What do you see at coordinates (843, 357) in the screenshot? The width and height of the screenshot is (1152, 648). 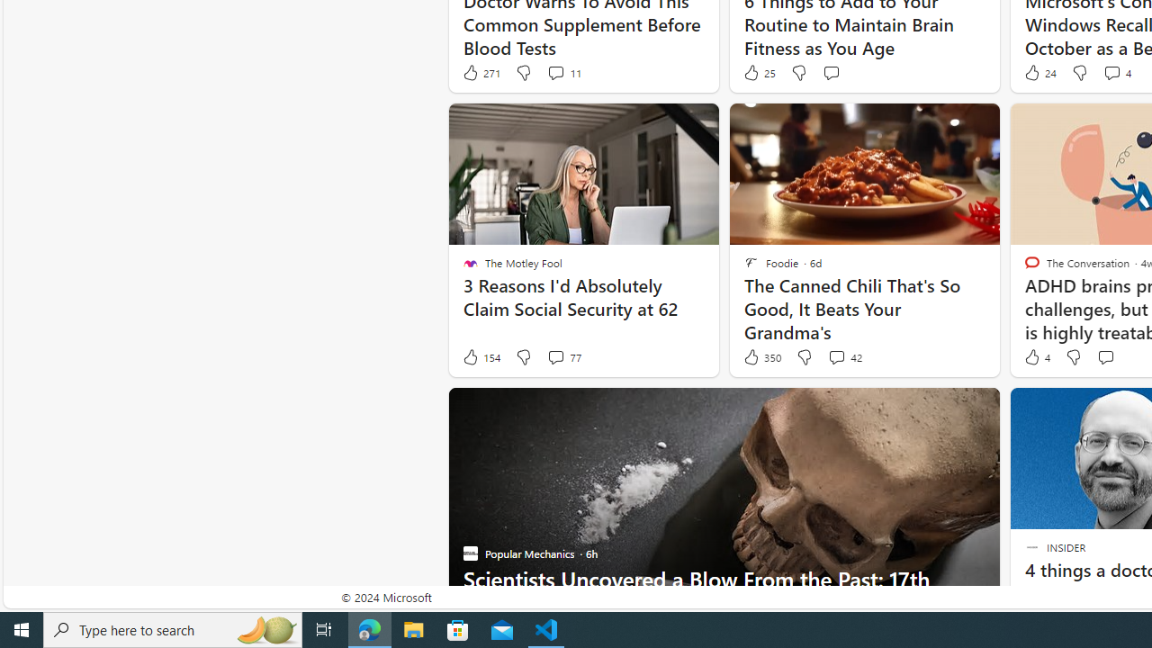 I see `'View comments 42 Comment'` at bounding box center [843, 357].